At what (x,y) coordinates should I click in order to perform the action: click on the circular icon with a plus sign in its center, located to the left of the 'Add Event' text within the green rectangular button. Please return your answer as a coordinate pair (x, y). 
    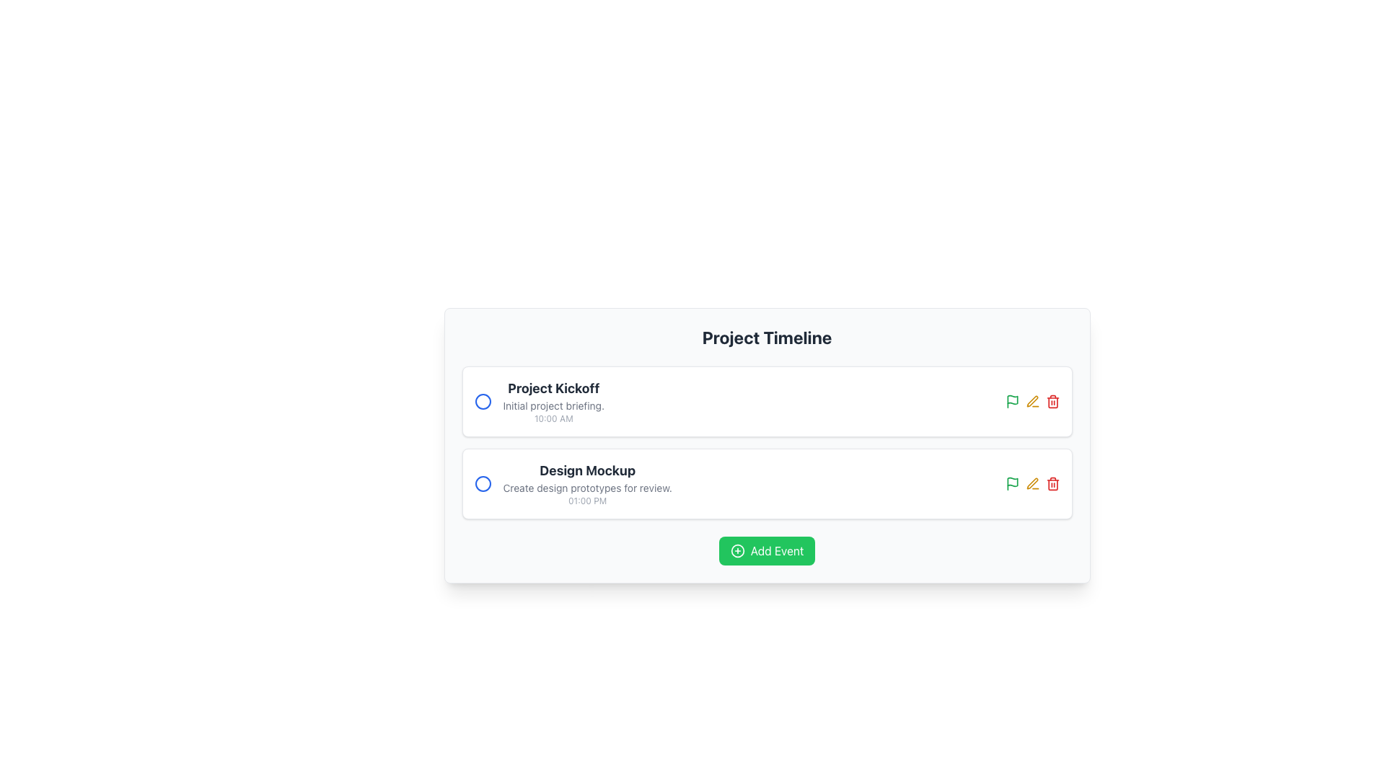
    Looking at the image, I should click on (737, 550).